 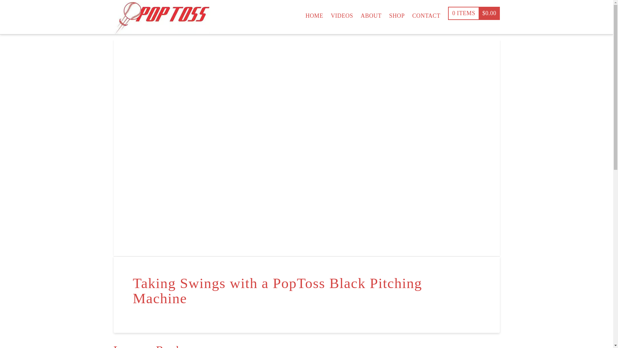 What do you see at coordinates (426, 13) in the screenshot?
I see `'CONTACT'` at bounding box center [426, 13].